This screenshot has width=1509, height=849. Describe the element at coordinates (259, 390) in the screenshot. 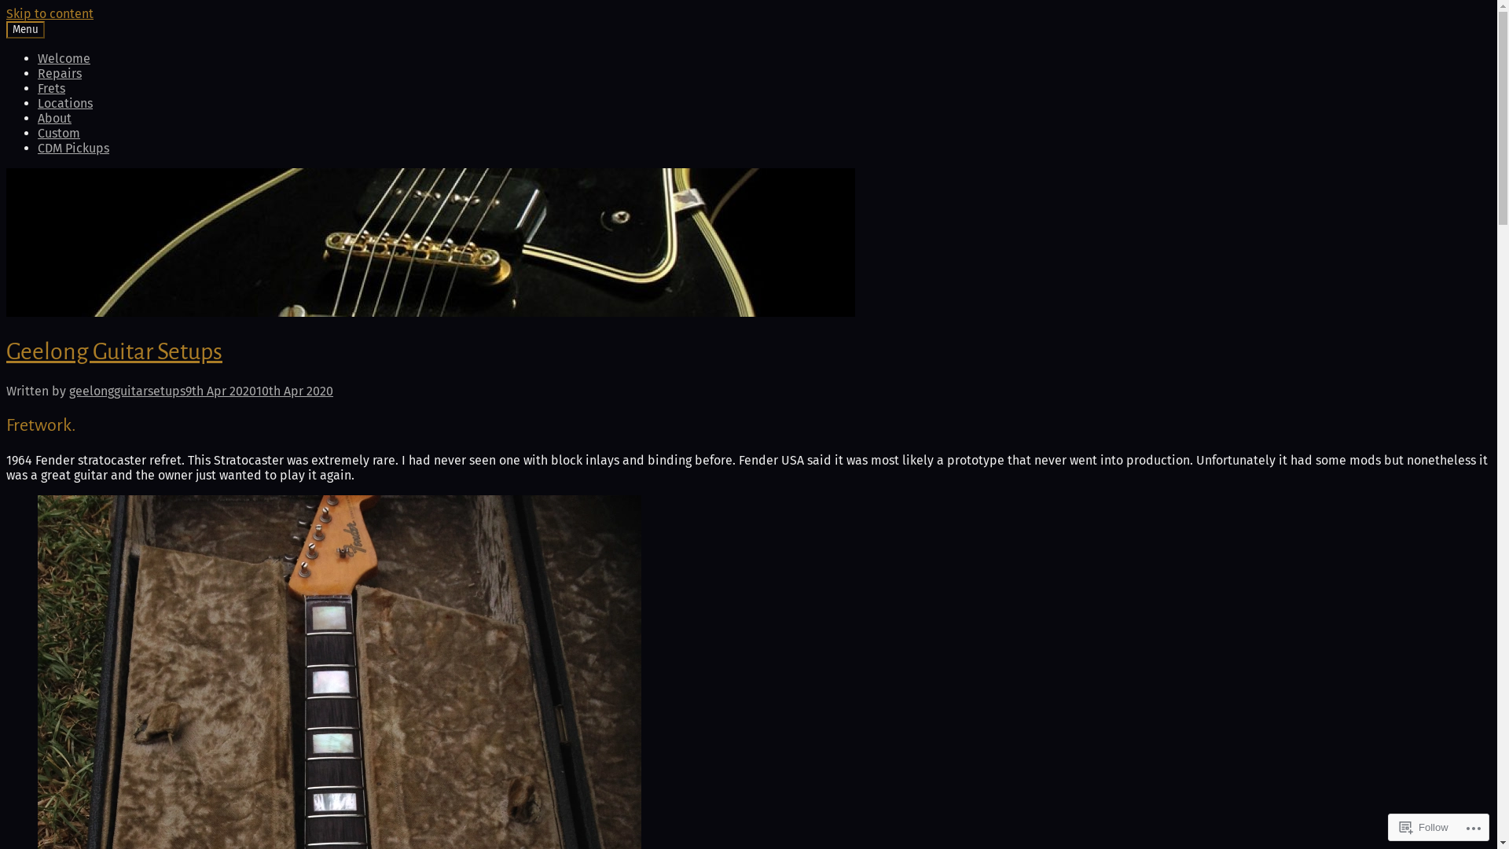

I see `'9th Apr 202010th Apr 2020'` at that location.